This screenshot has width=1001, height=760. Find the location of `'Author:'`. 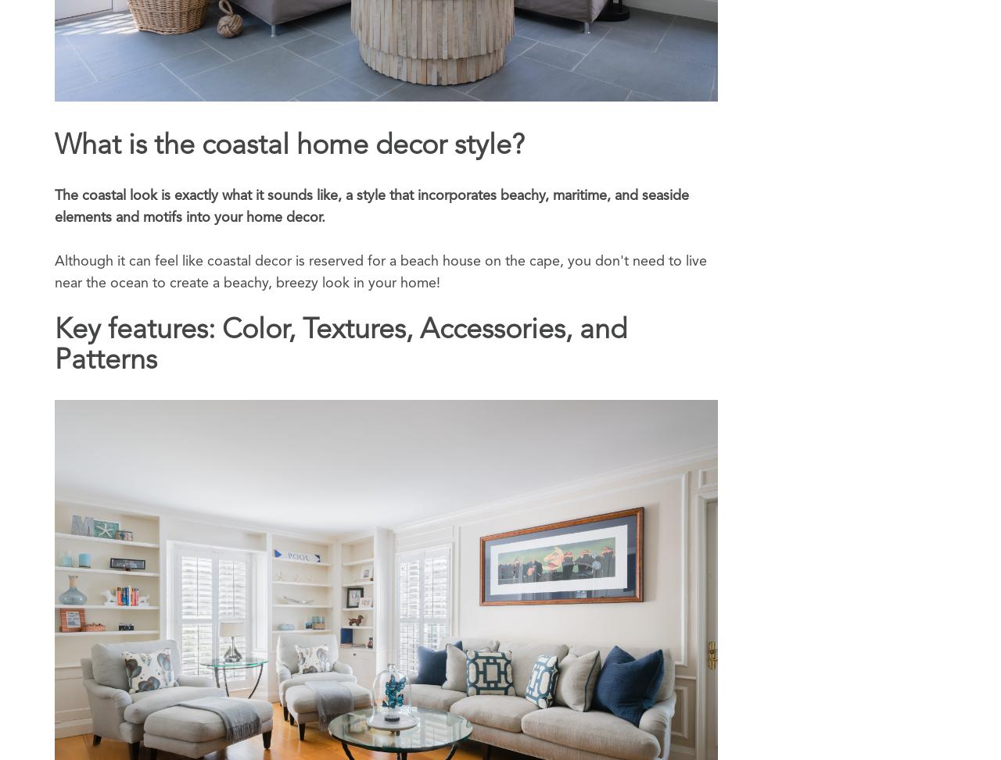

'Author:' is located at coordinates (55, 528).